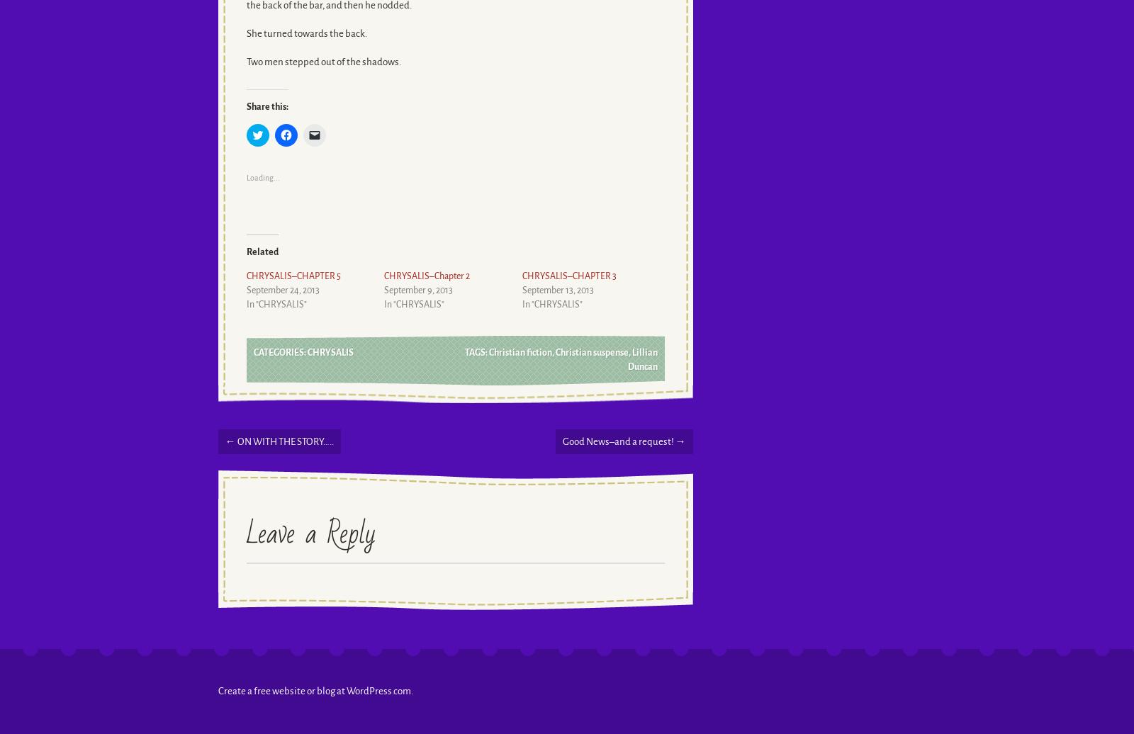 The image size is (1134, 734). I want to click on 'Related', so click(262, 252).